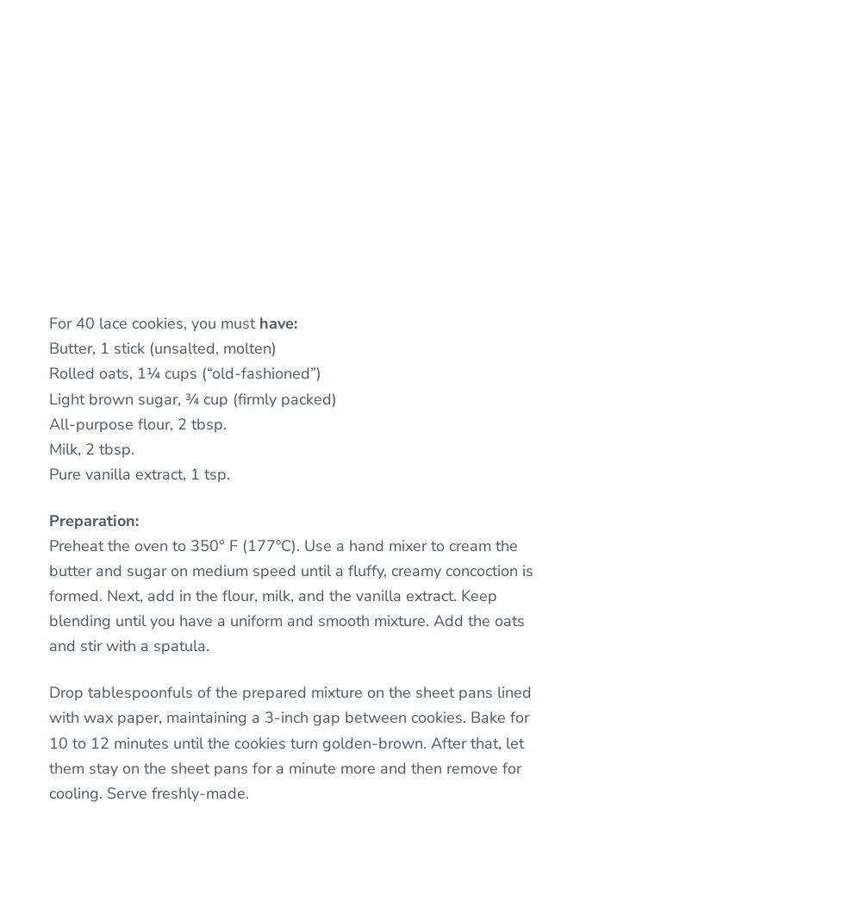 The width and height of the screenshot is (848, 915). What do you see at coordinates (153, 323) in the screenshot?
I see `'For 40 lace cookies, you must'` at bounding box center [153, 323].